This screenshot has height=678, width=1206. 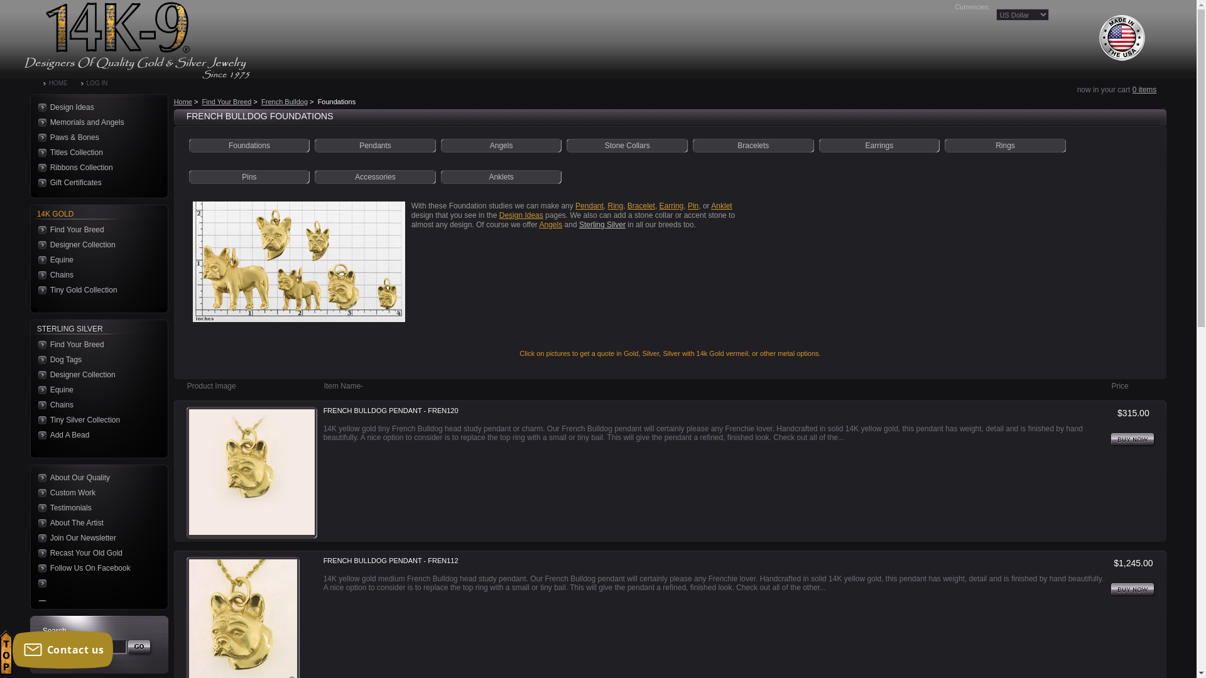 I want to click on 'Designer Collection', so click(x=36, y=244).